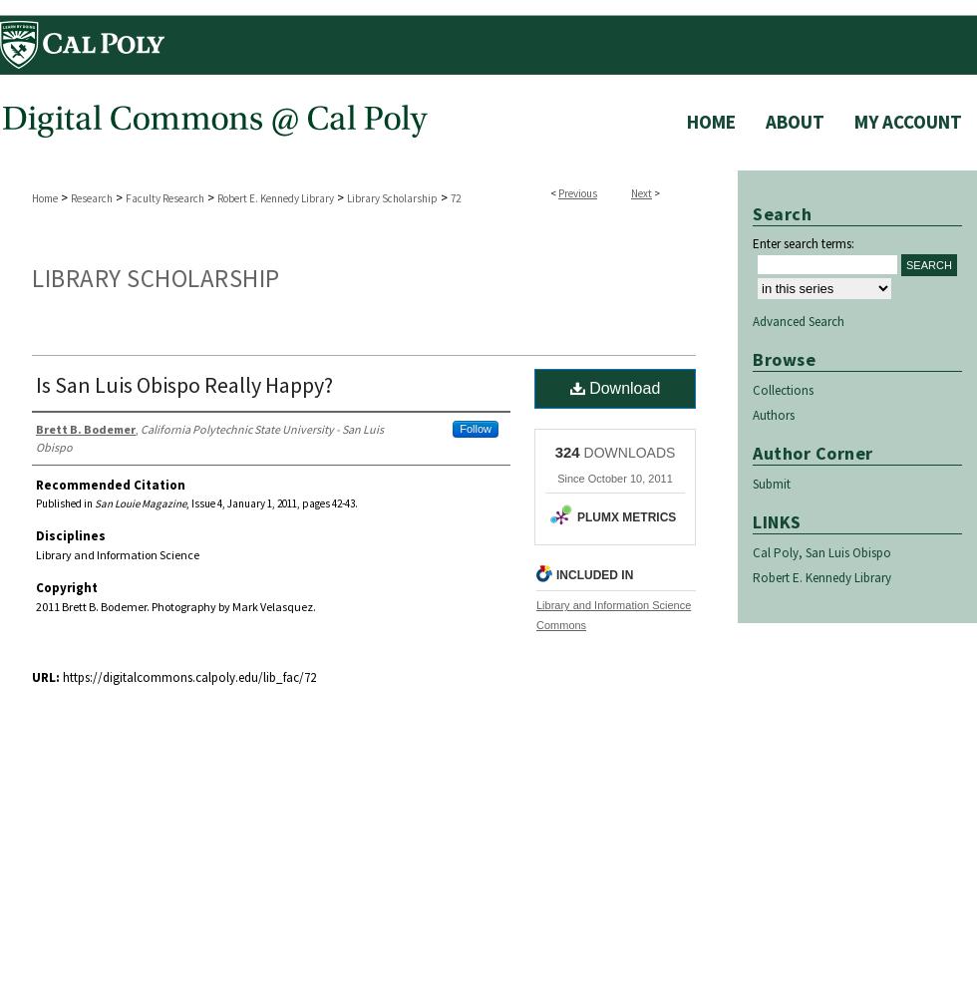  I want to click on ',  Issue 4,  January  1, 2011, pages 42-43.', so click(272, 503).